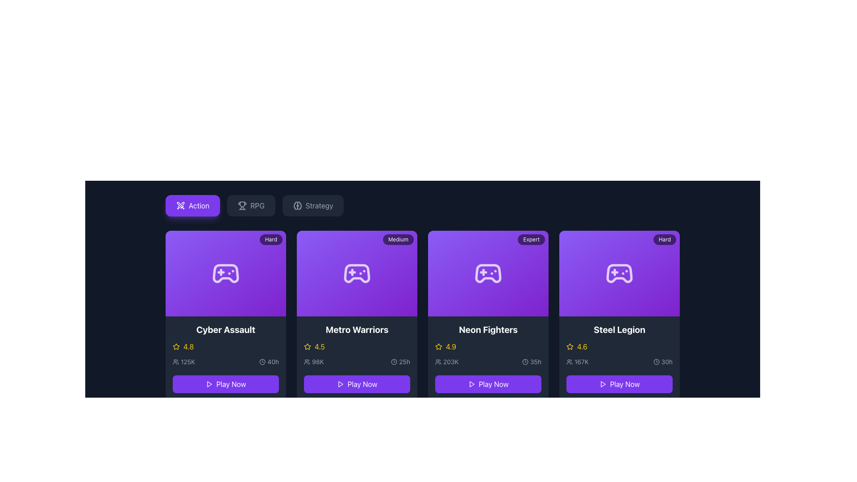 The image size is (857, 482). I want to click on the text label reading 'Play Now' located within the purple button beneath the 'Metro Warriors' card, which is the second button from the left, so click(362, 383).